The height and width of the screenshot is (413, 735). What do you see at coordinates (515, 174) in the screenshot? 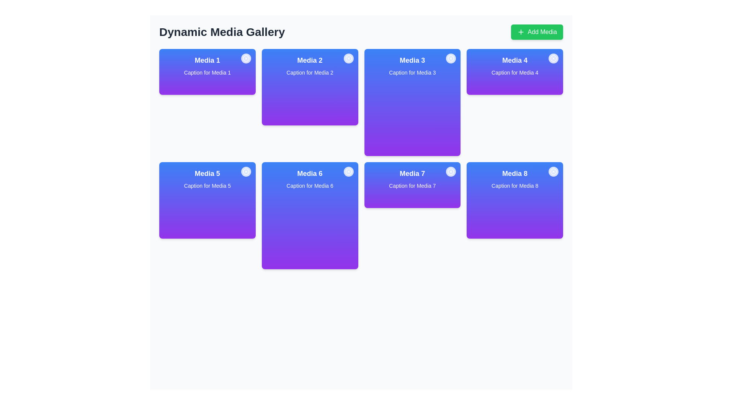
I see `the text label that serves as a title or header for the card, specifically labeled 'Media 8', located at the rightmost card in the last row of a grid layout` at bounding box center [515, 174].